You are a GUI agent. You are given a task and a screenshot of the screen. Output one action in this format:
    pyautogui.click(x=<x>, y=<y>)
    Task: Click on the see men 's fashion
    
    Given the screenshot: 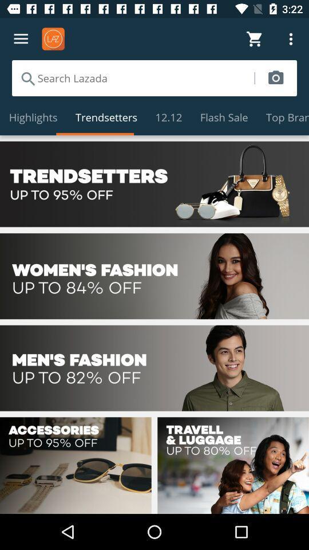 What is the action you would take?
    pyautogui.click(x=154, y=367)
    